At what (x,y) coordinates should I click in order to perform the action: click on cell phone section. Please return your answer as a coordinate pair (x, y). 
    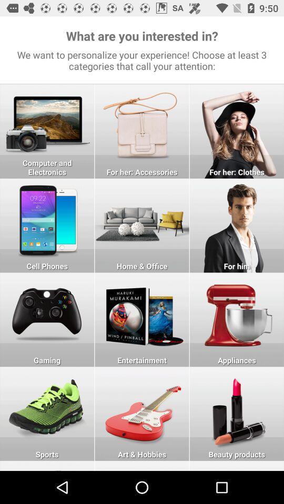
    Looking at the image, I should click on (46, 225).